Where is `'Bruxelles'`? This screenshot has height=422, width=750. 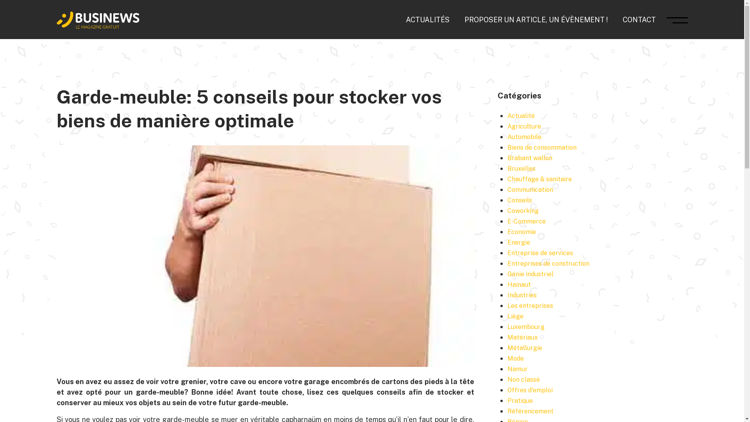
'Bruxelles' is located at coordinates (507, 168).